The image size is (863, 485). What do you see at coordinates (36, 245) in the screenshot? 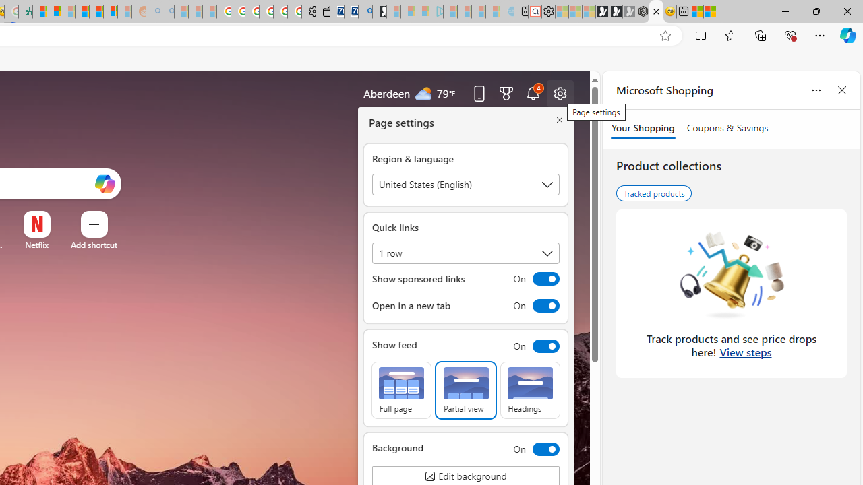
I see `'Netflix'` at bounding box center [36, 245].